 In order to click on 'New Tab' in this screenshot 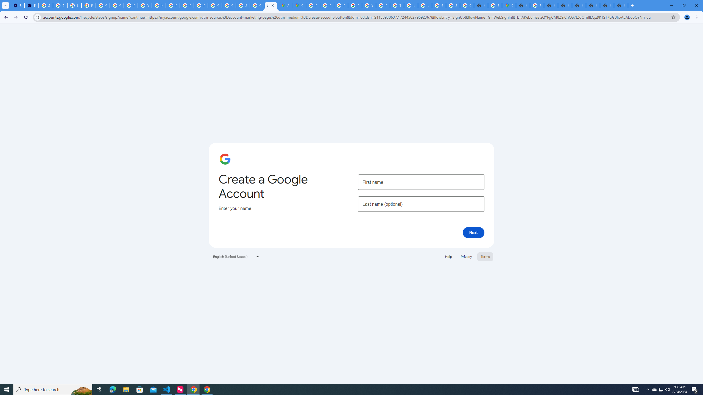, I will do `click(593, 5)`.